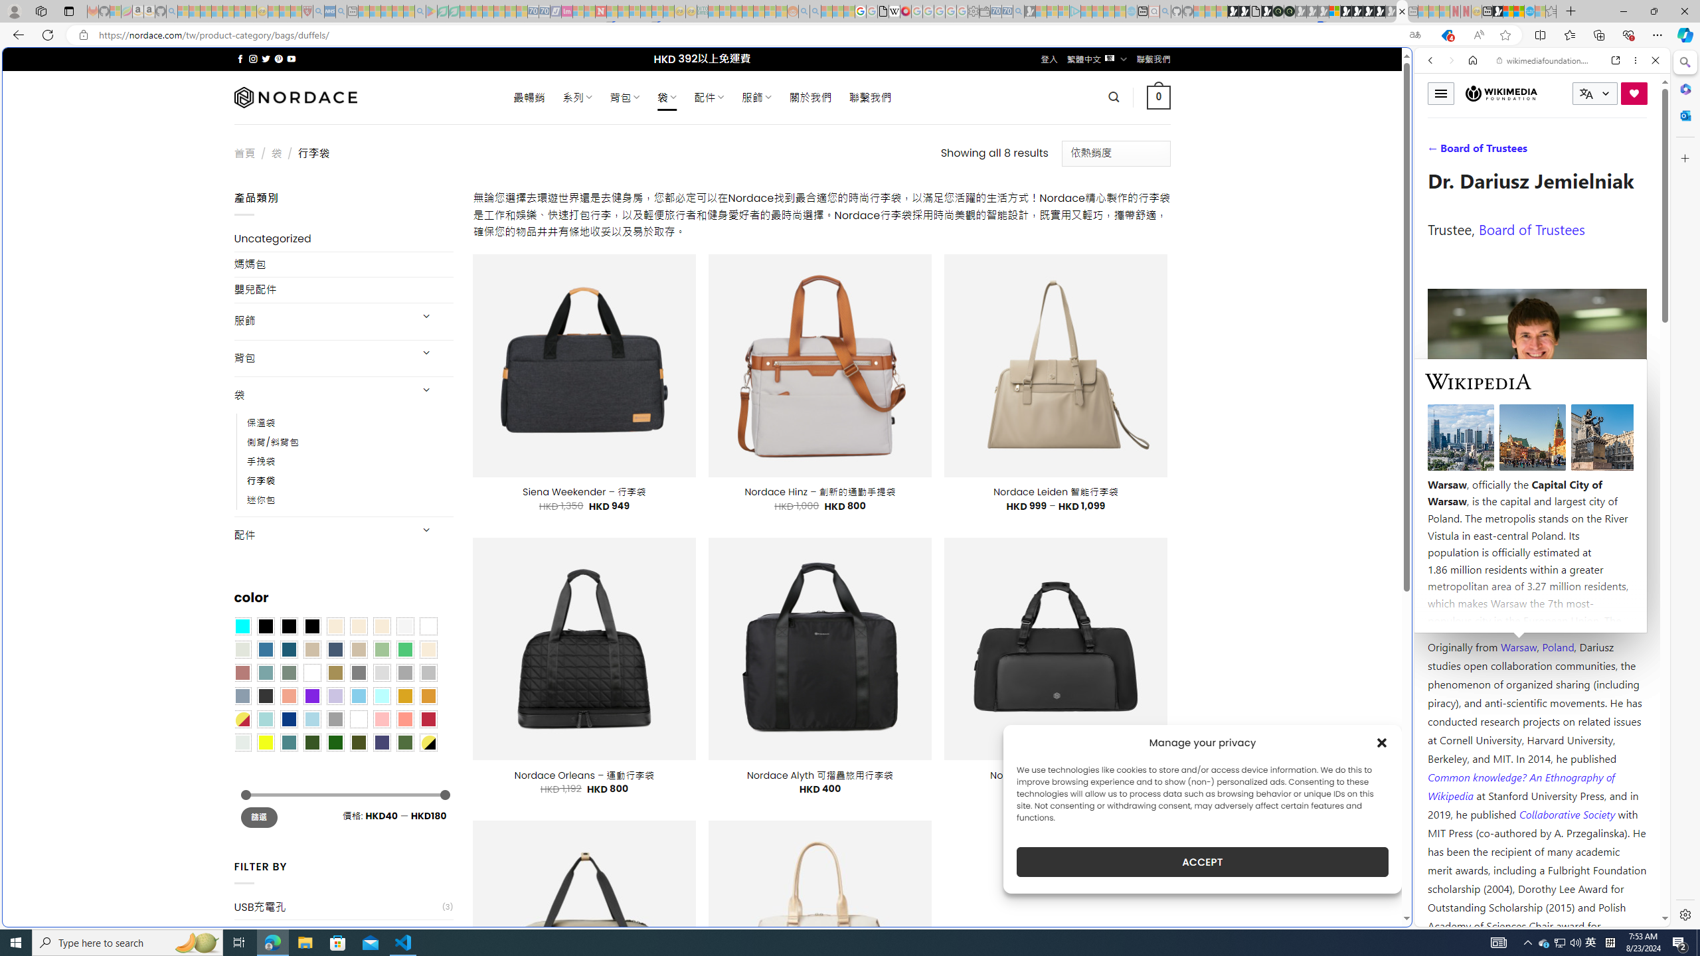  I want to click on 'Services - Maintenance | Sky Blue Bikes - Sky Blue Bikes', so click(1529, 11).